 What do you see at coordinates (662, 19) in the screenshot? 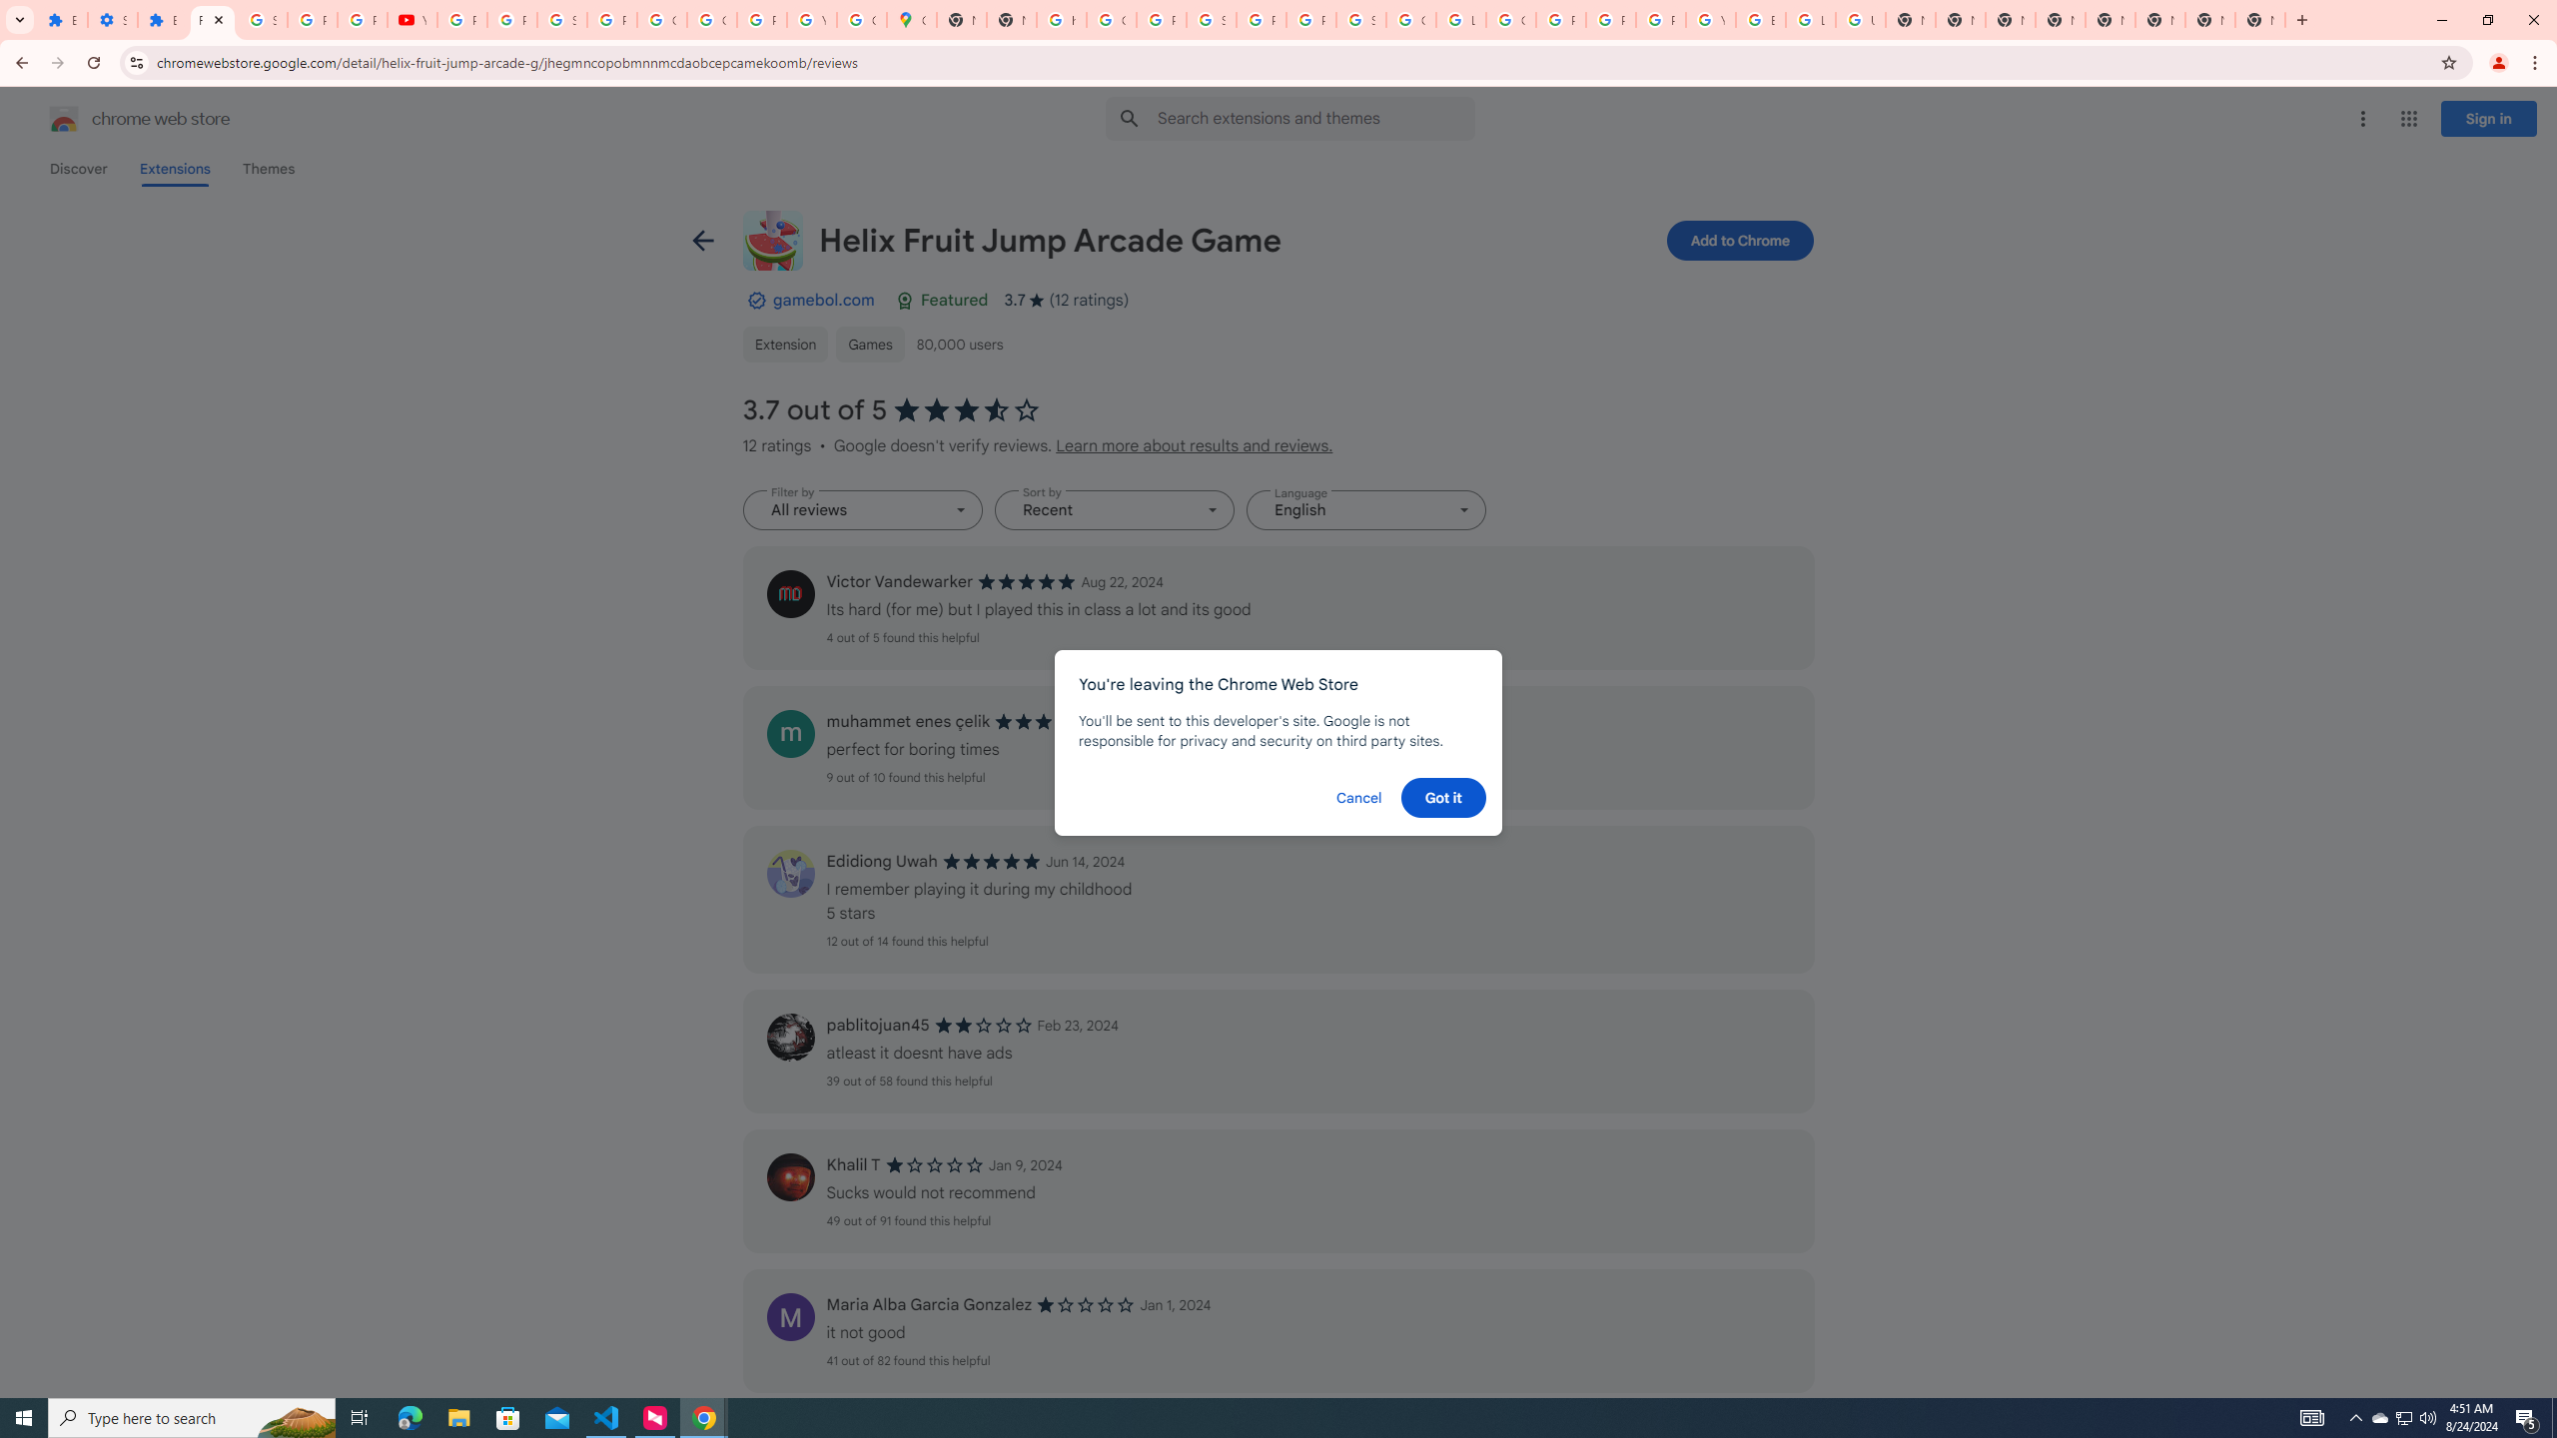
I see `'Google Account'` at bounding box center [662, 19].